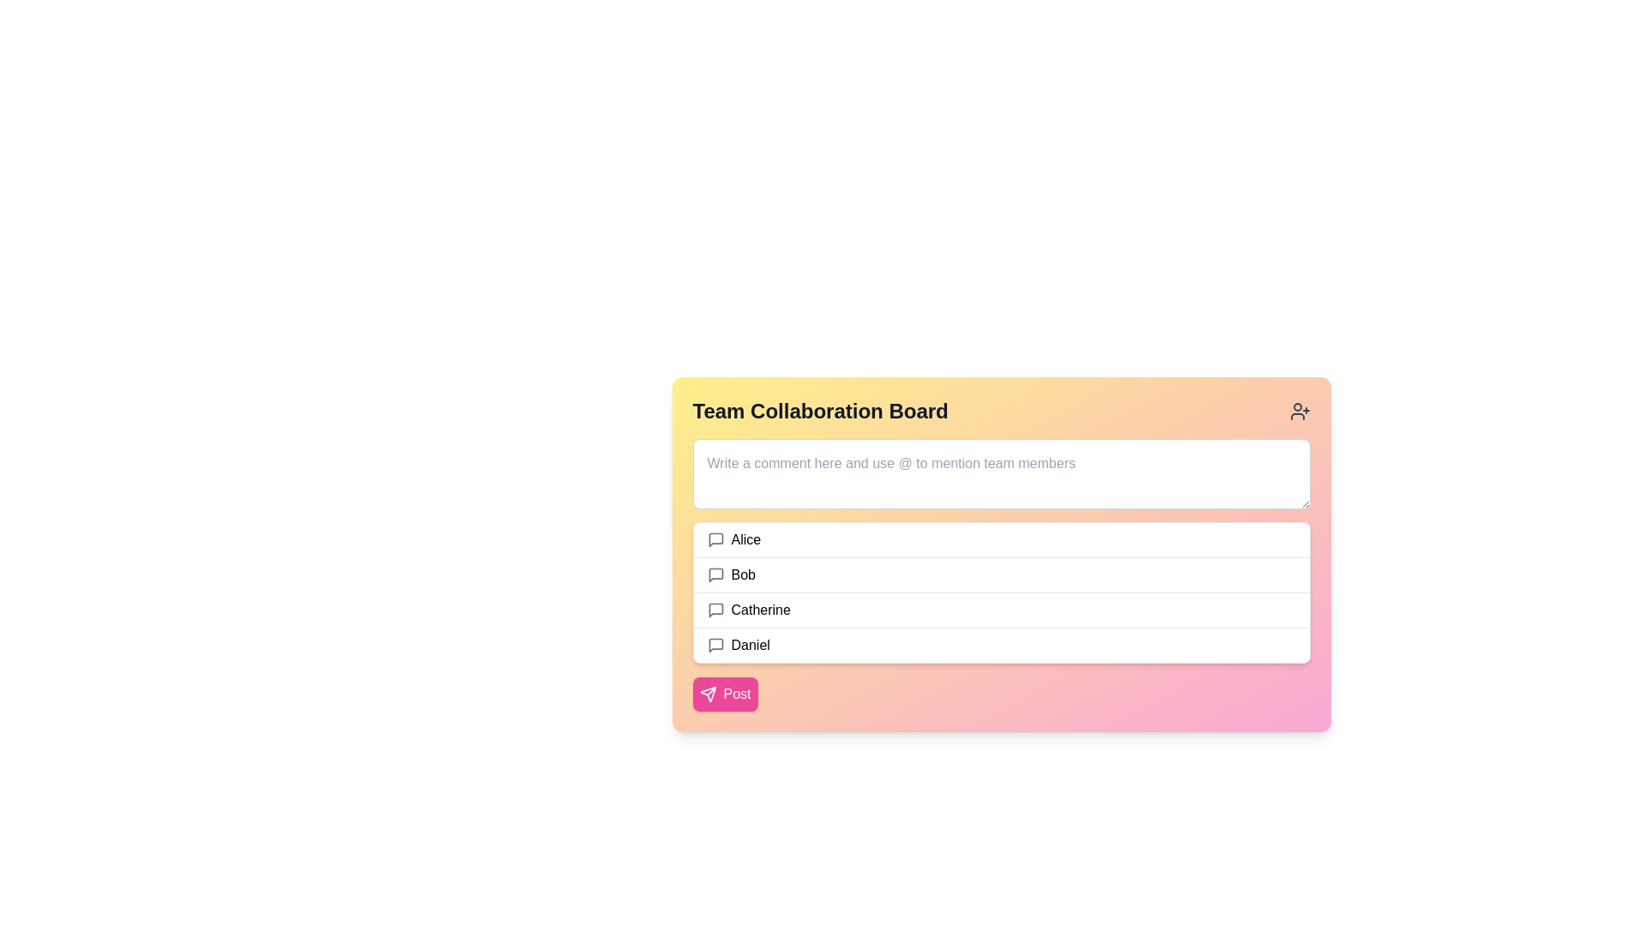 Image resolution: width=1647 pixels, height=926 pixels. I want to click on the name 'Bob', so click(1001, 583).